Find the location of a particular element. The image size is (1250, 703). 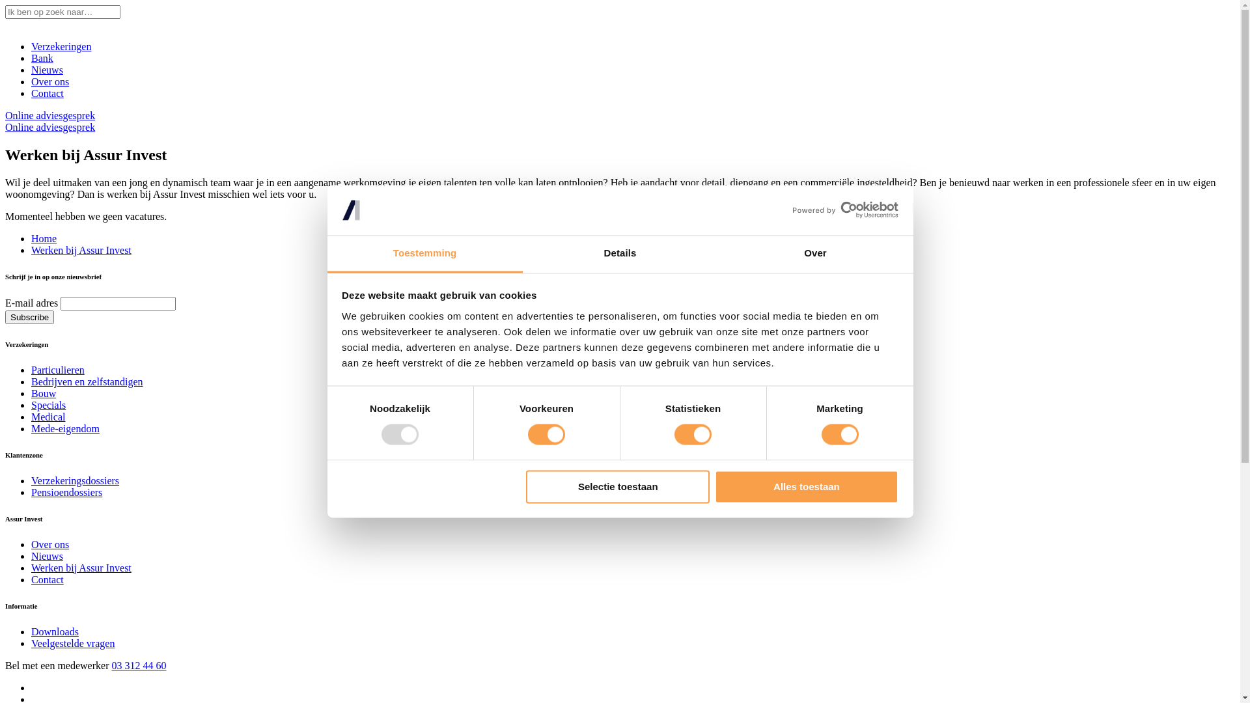

'Particulieren' is located at coordinates (57, 370).